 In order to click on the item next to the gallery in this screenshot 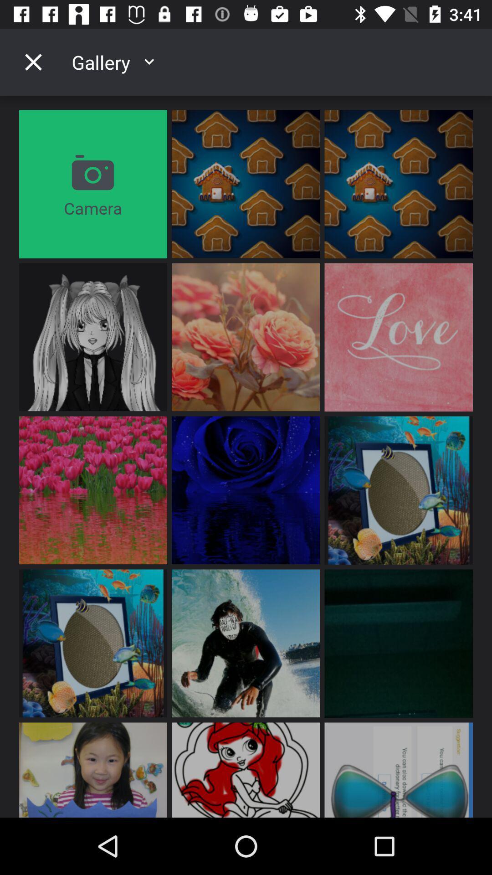, I will do `click(33, 62)`.